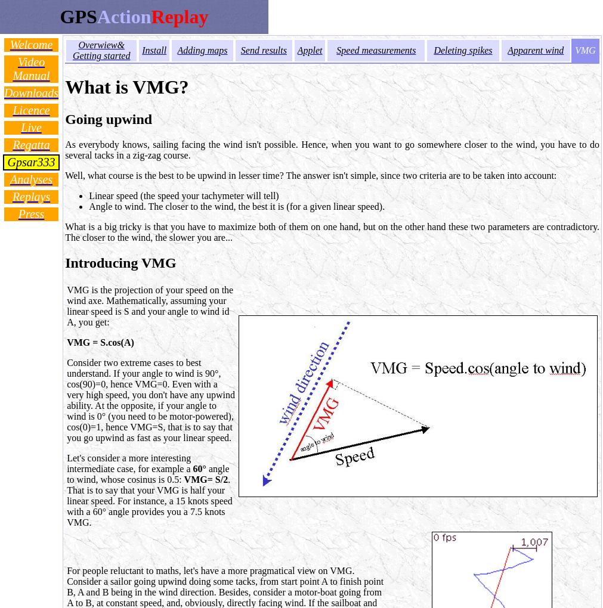 The image size is (603, 608). Describe the element at coordinates (30, 92) in the screenshot. I see `'Downloads'` at that location.